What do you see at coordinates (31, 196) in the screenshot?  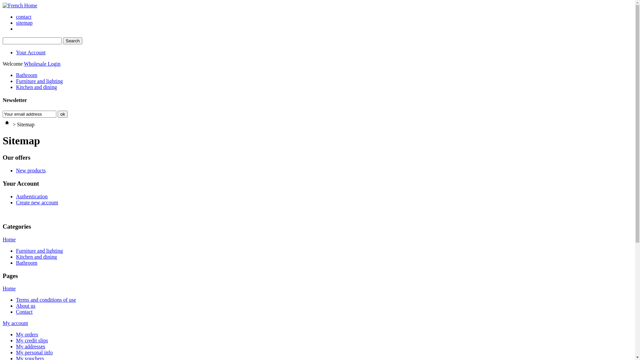 I see `'Authentication'` at bounding box center [31, 196].